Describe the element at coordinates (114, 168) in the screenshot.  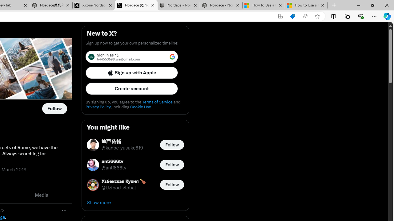
I see `'@anti666tv'` at that location.